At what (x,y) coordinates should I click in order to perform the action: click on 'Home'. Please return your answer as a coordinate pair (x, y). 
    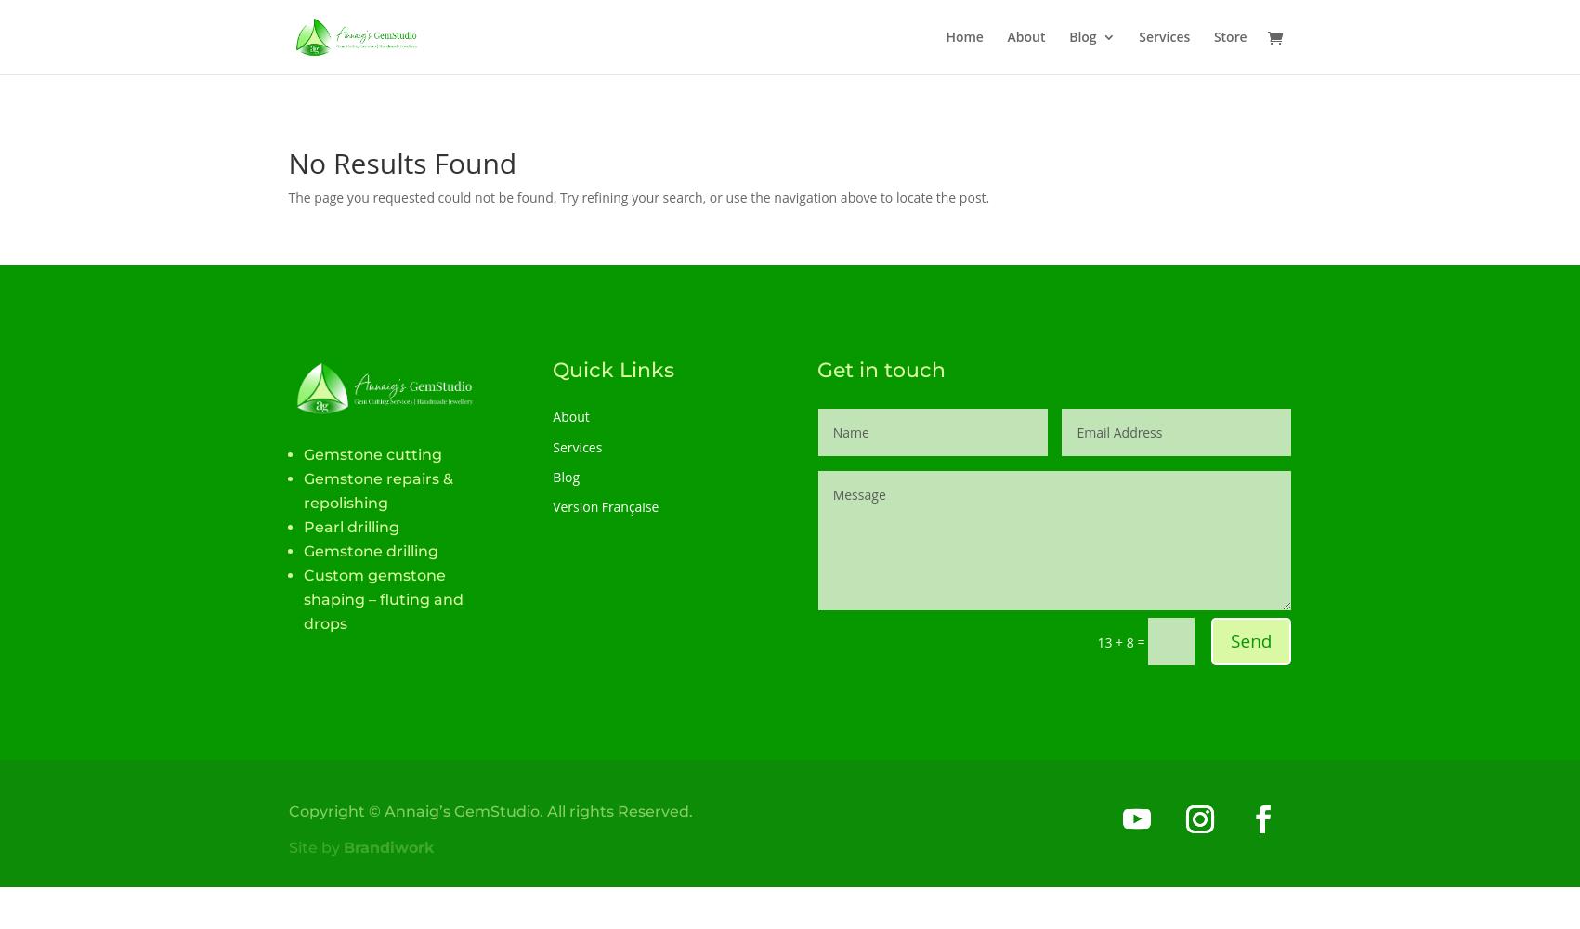
    Looking at the image, I should click on (946, 36).